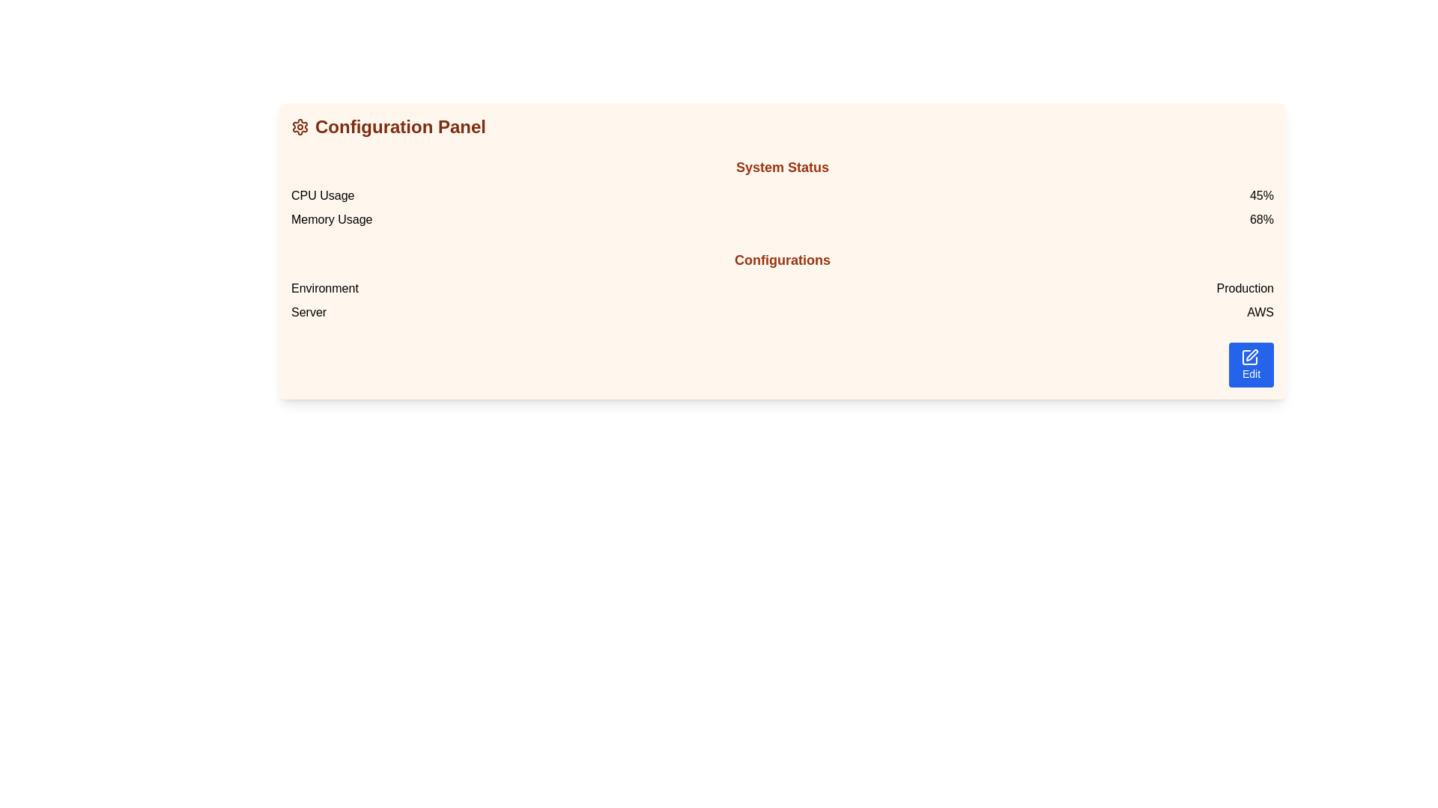 The height and width of the screenshot is (808, 1438). I want to click on the gear-shaped settings icon, which is dark orange and located to the left of the 'Configuration Panel' text, so click(300, 126).